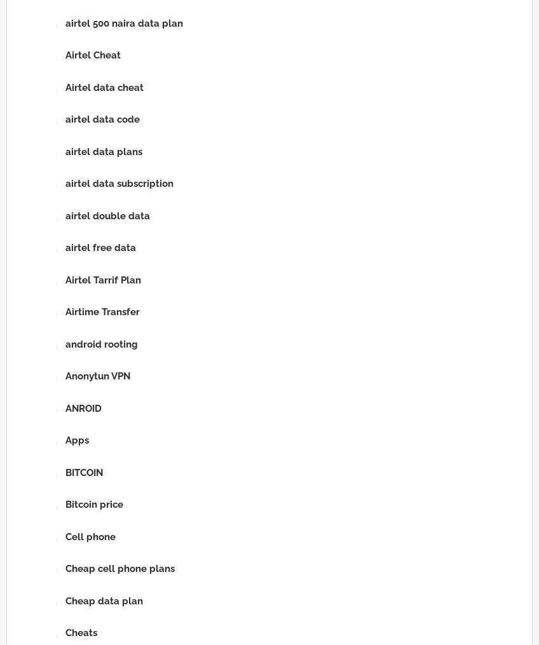 The image size is (539, 645). I want to click on 'airtel data plans', so click(104, 151).